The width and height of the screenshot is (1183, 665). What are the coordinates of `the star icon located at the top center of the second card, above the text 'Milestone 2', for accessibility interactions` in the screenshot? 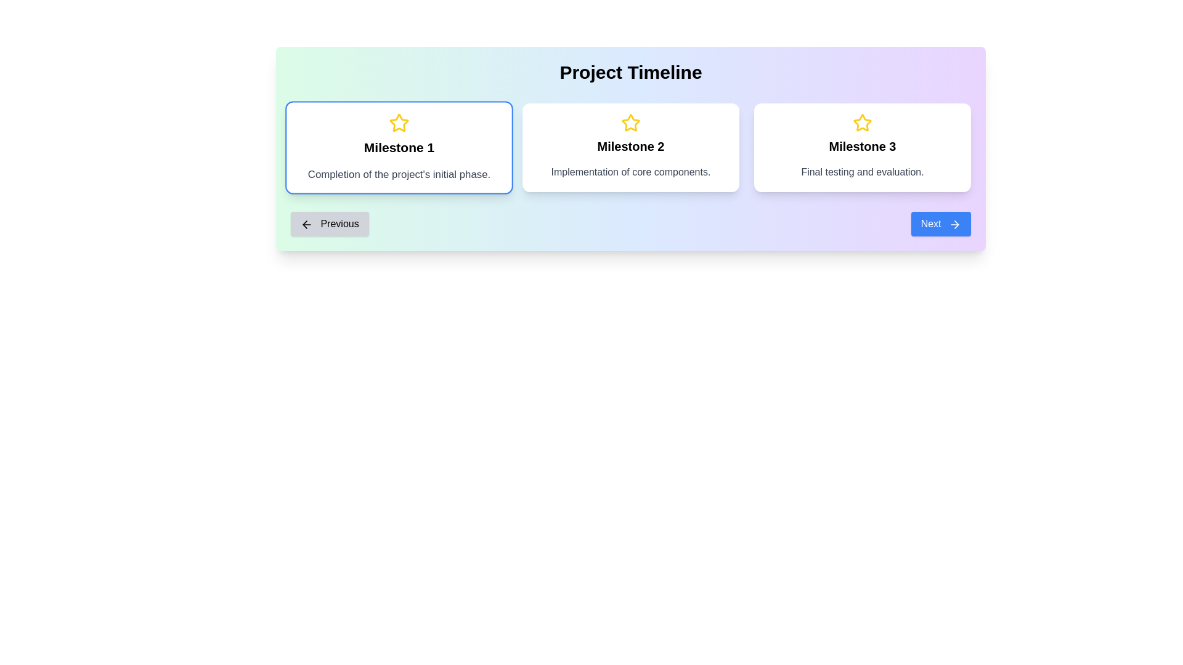 It's located at (630, 123).